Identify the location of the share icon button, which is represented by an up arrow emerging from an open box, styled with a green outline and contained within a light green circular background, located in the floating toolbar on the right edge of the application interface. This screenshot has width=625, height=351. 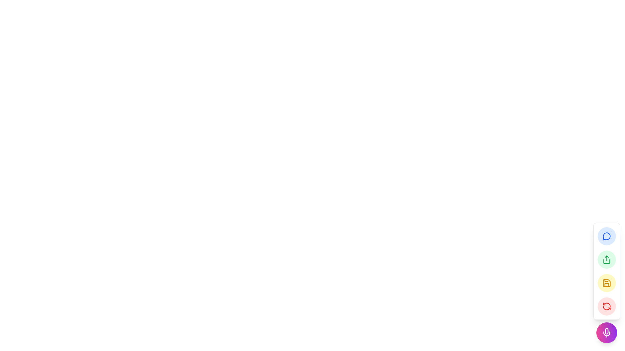
(606, 259).